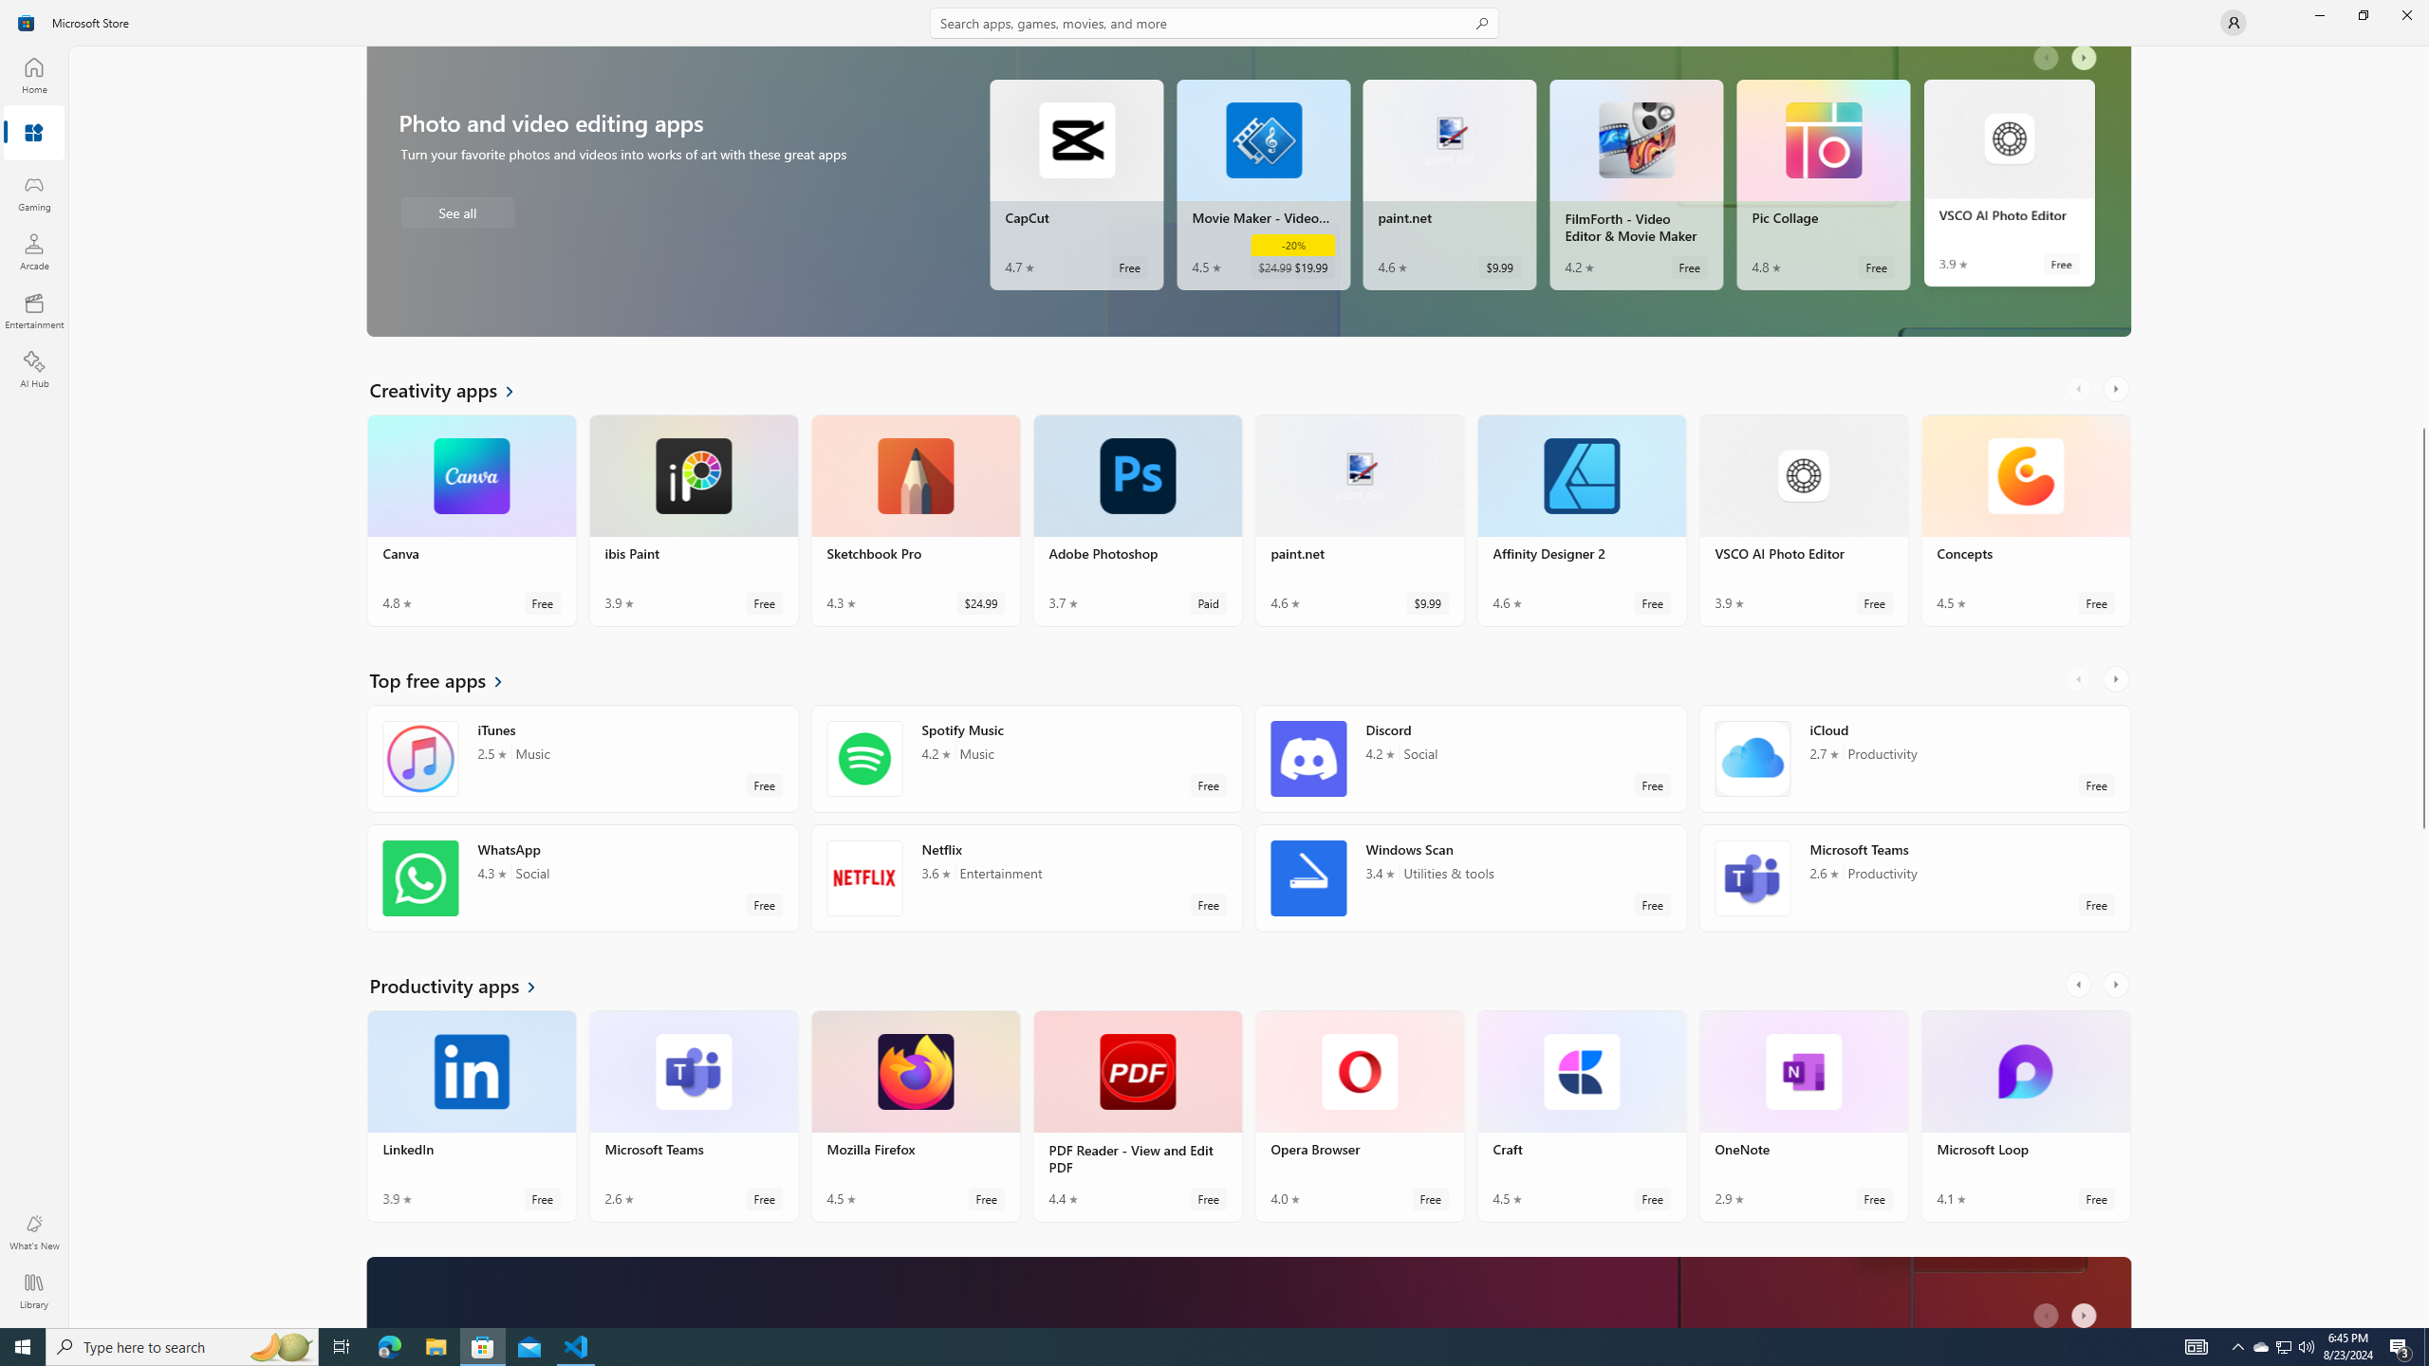 The width and height of the screenshot is (2429, 1366). Describe the element at coordinates (456, 211) in the screenshot. I see `'See all  Photo and video editing apps'` at that location.